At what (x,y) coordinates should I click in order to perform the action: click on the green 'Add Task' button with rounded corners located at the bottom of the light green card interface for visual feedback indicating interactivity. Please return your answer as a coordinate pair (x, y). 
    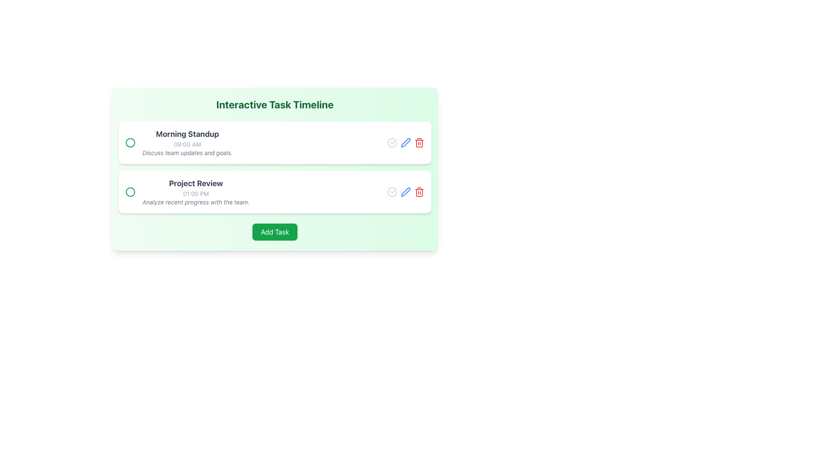
    Looking at the image, I should click on (275, 232).